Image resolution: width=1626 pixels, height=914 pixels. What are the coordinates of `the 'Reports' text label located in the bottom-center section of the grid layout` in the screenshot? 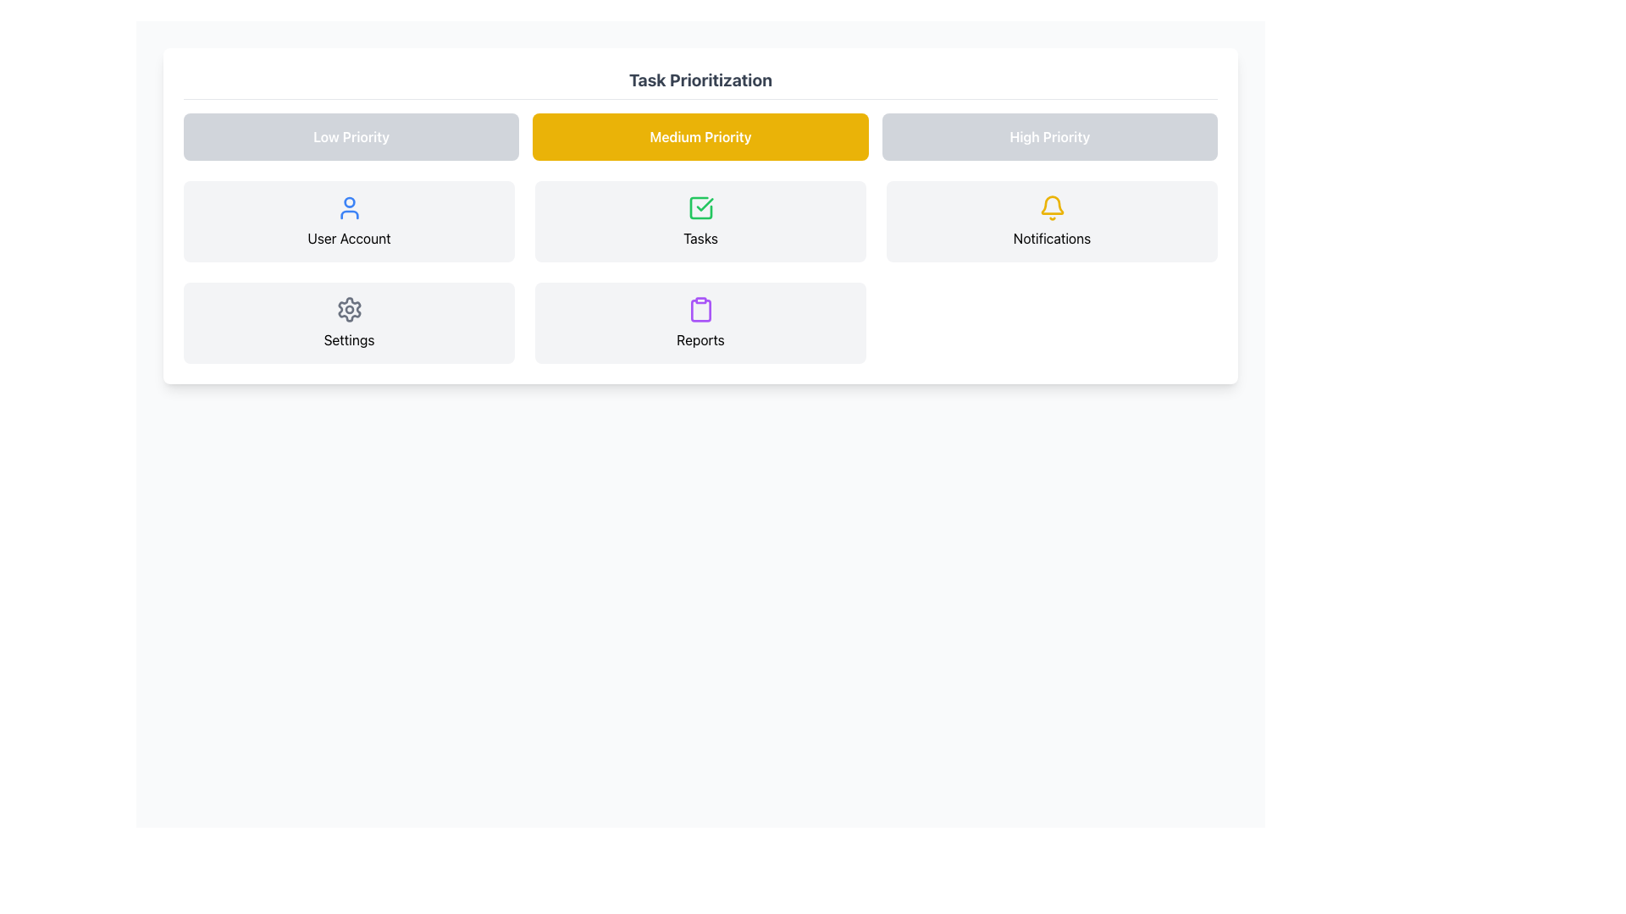 It's located at (700, 339).